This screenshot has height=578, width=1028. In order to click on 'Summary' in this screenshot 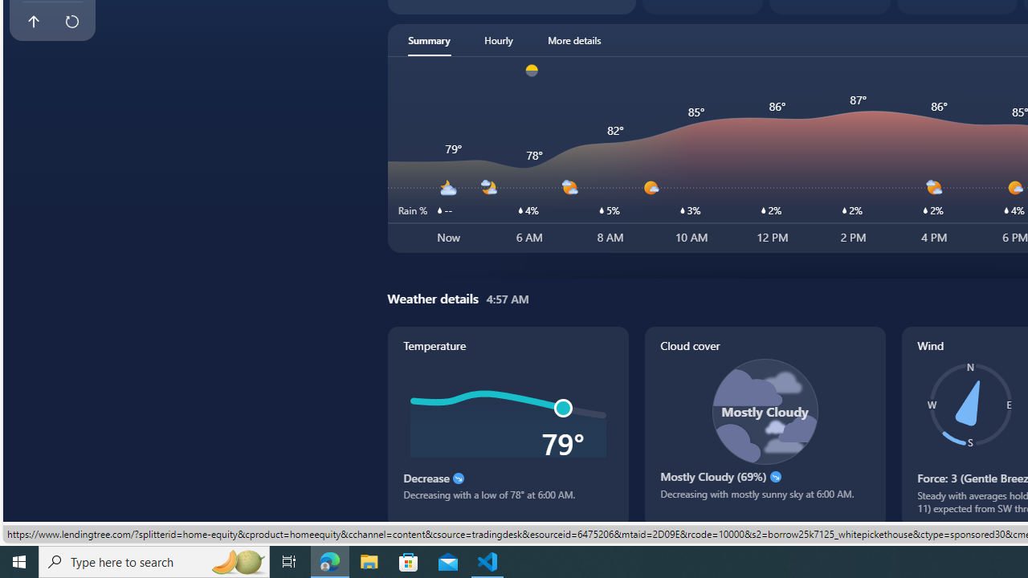, I will do `click(429, 39)`.